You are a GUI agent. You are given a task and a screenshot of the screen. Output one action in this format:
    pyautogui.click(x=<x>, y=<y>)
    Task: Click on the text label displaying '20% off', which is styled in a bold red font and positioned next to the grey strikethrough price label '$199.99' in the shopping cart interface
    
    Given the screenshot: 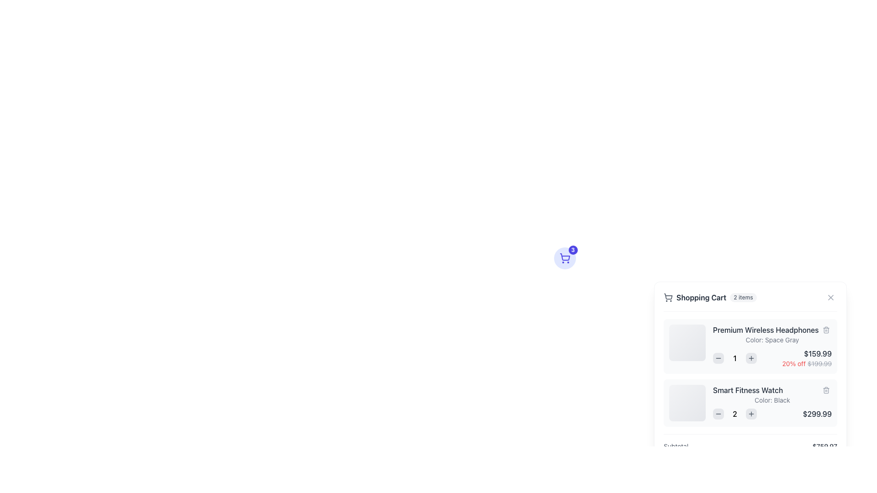 What is the action you would take?
    pyautogui.click(x=793, y=363)
    